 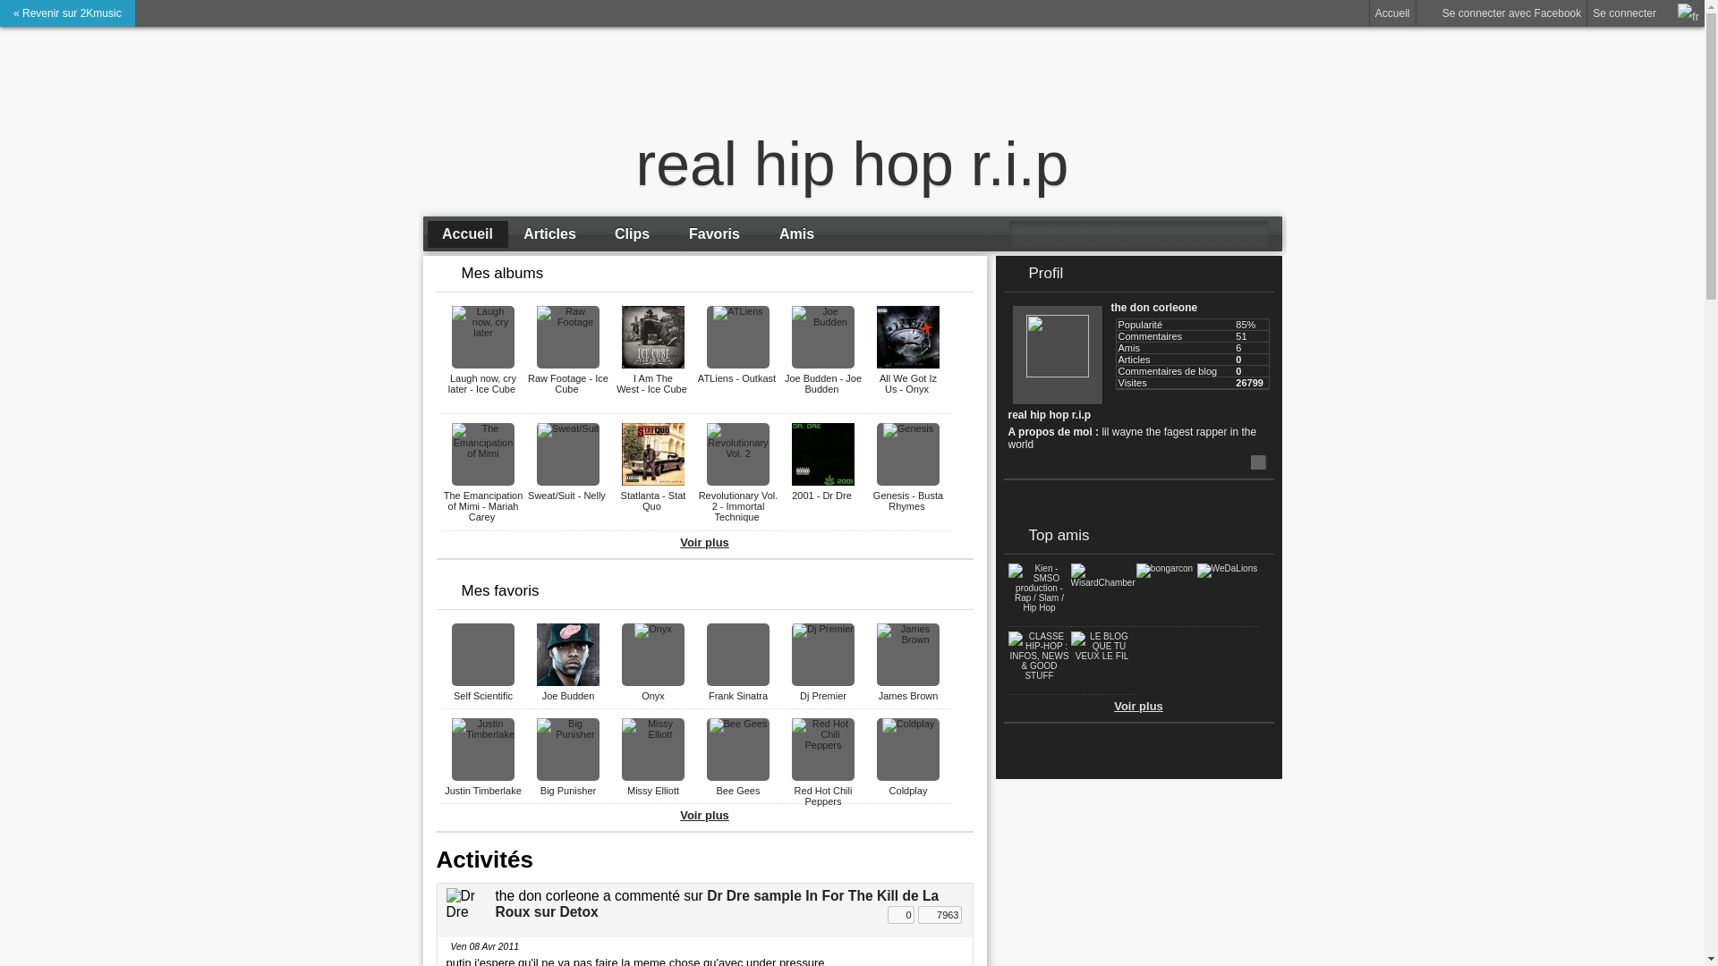 What do you see at coordinates (1008, 675) in the screenshot?
I see `'CLASSE HIP-HOP : INFOS, NEWS & GOOD STUFF'` at bounding box center [1008, 675].